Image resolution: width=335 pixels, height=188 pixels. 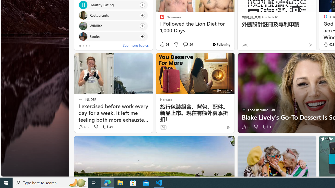 What do you see at coordinates (267, 127) in the screenshot?
I see `'View comments 1 Comment'` at bounding box center [267, 127].